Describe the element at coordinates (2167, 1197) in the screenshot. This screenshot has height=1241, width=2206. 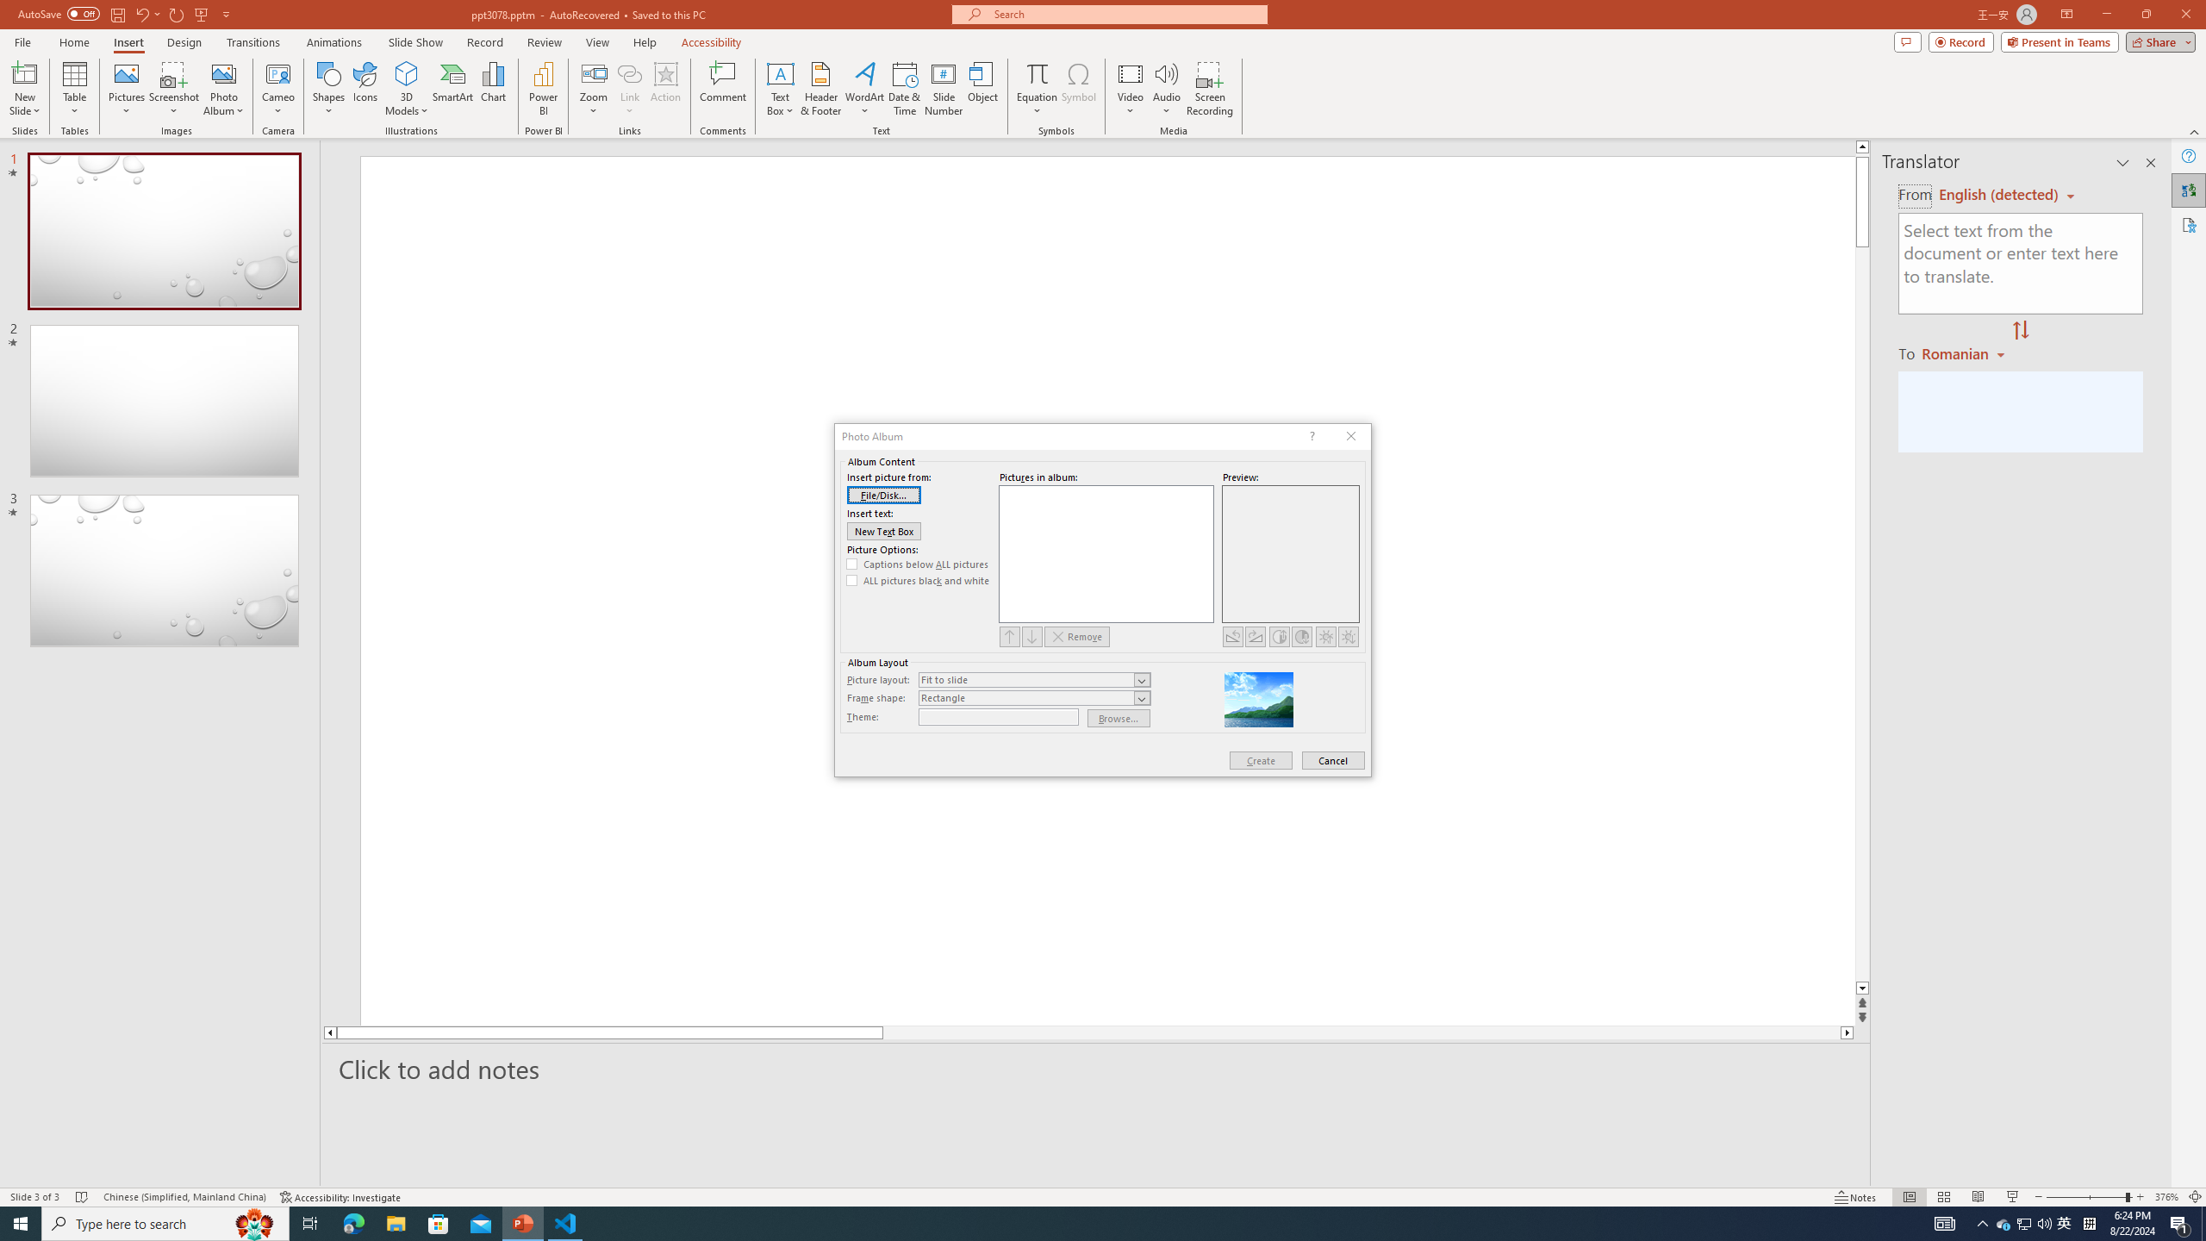
I see `'Zoom 376%'` at that location.